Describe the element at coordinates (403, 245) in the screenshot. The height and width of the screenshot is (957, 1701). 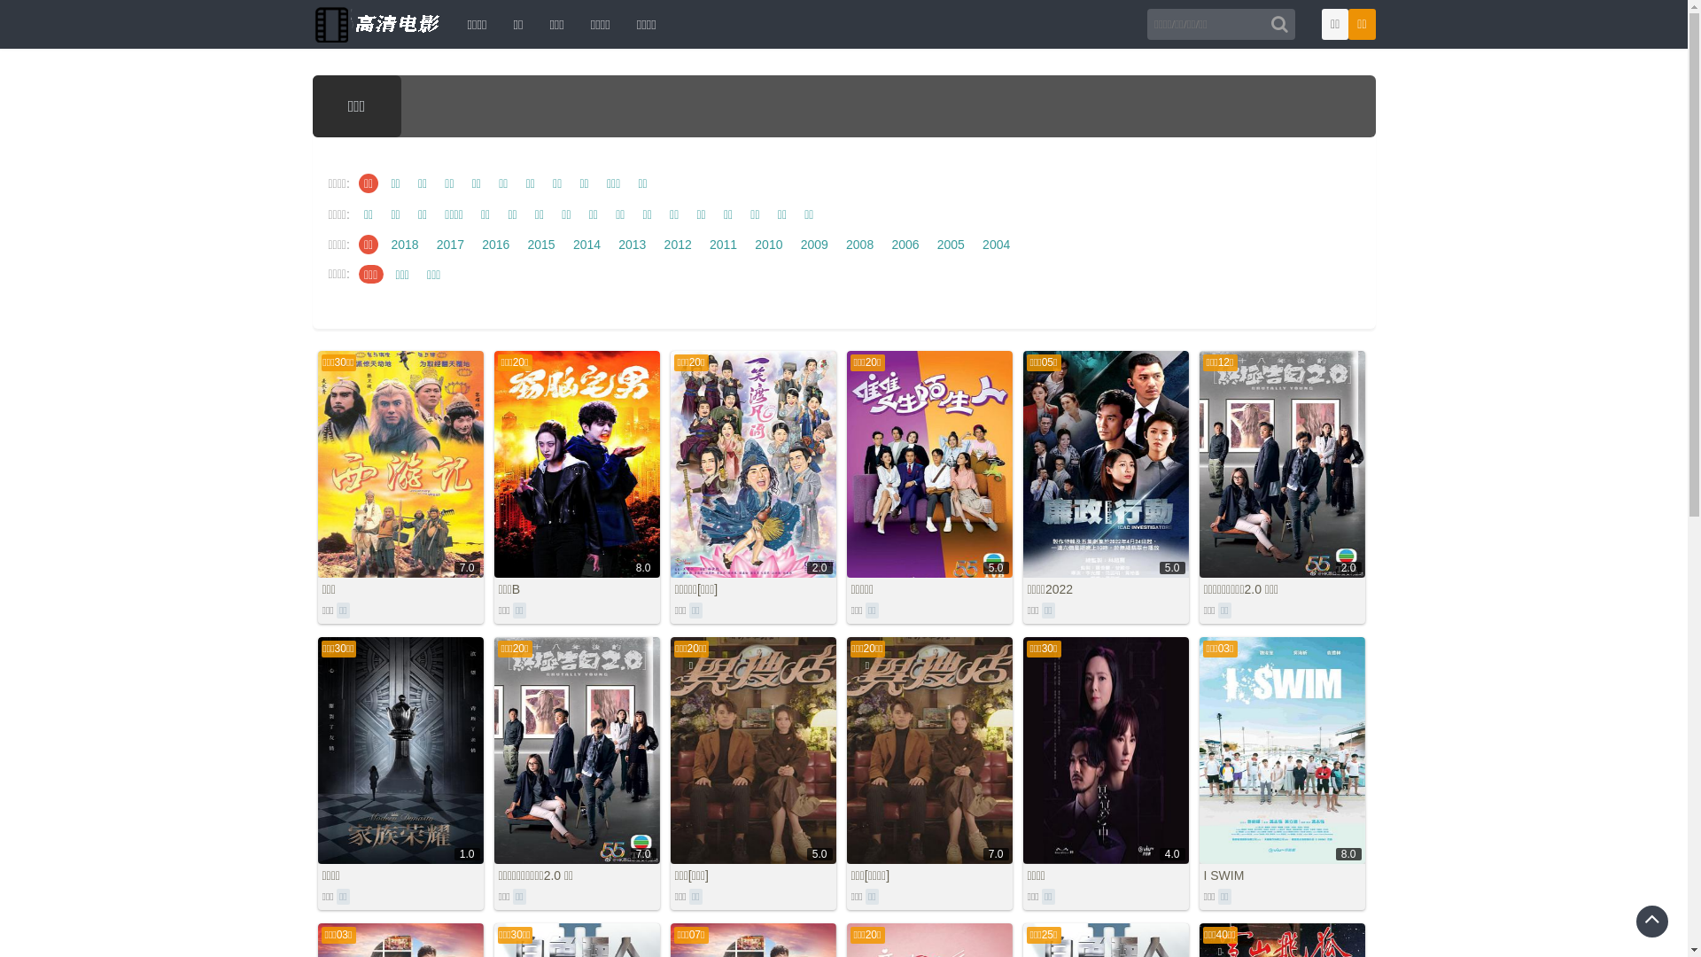
I see `'2018'` at that location.